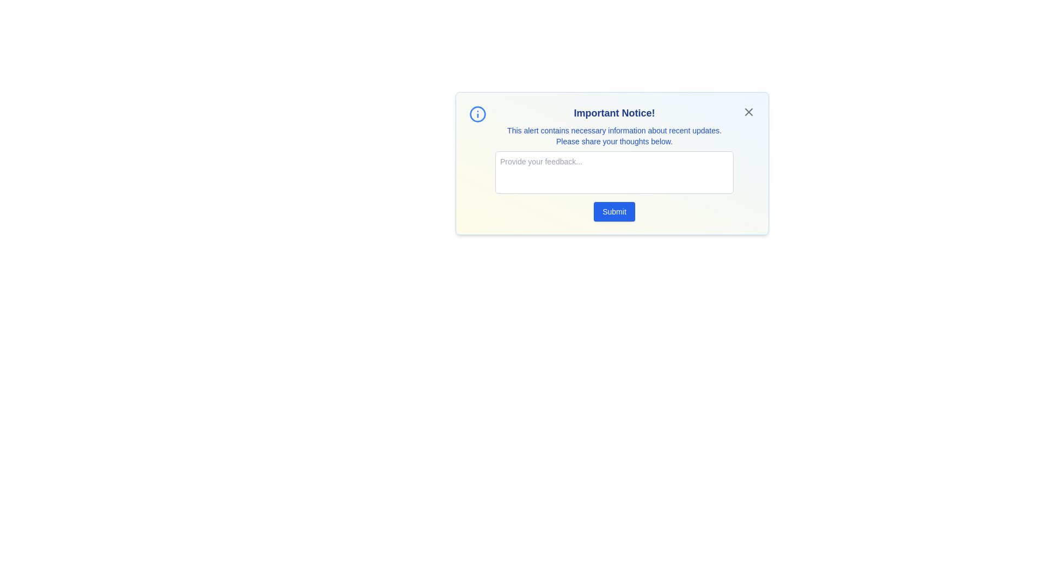 The width and height of the screenshot is (1045, 588). I want to click on the close button, represented by an 'X' shape, located in the top-right corner of the alert dialog box displaying 'Important Notice!', so click(748, 112).